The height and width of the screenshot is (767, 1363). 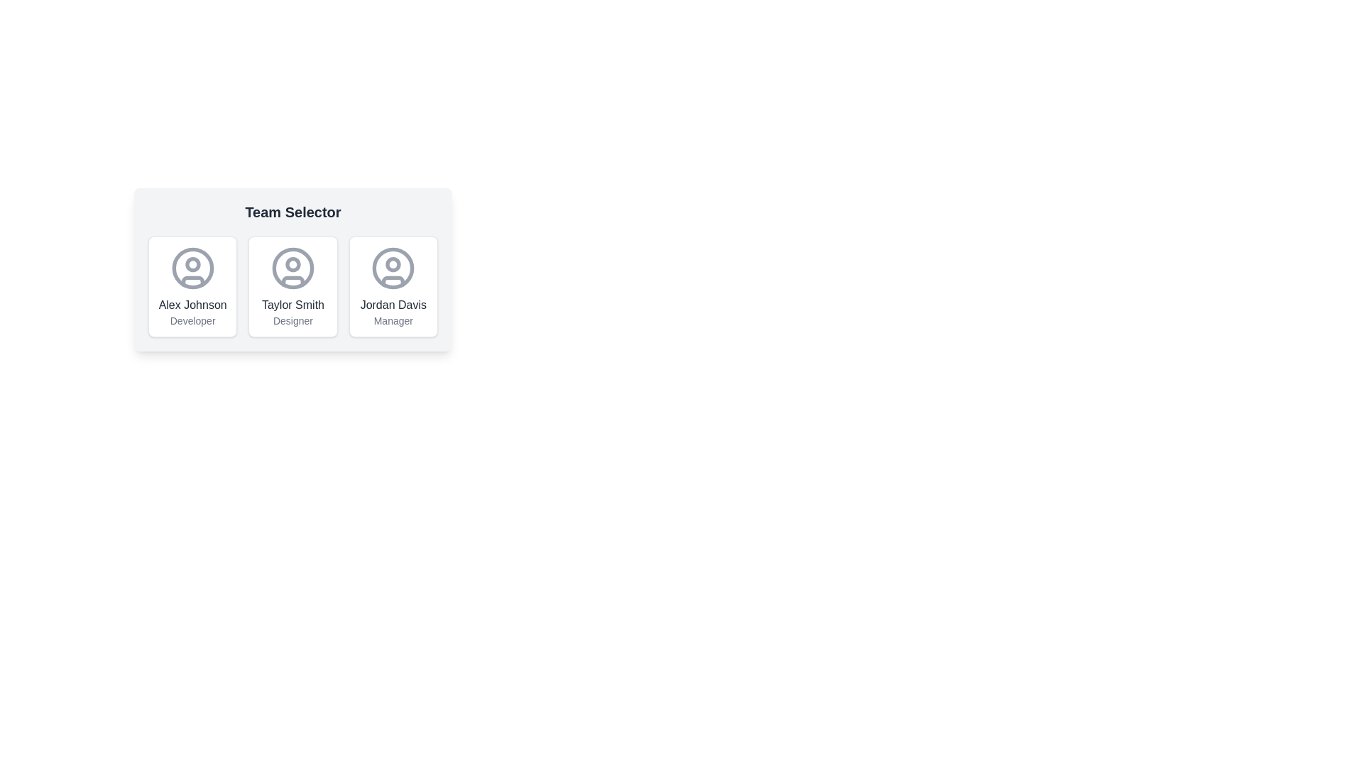 I want to click on the bottom-most segment of the user profile icon for 'Taylor Smith, Designer', so click(x=292, y=281).